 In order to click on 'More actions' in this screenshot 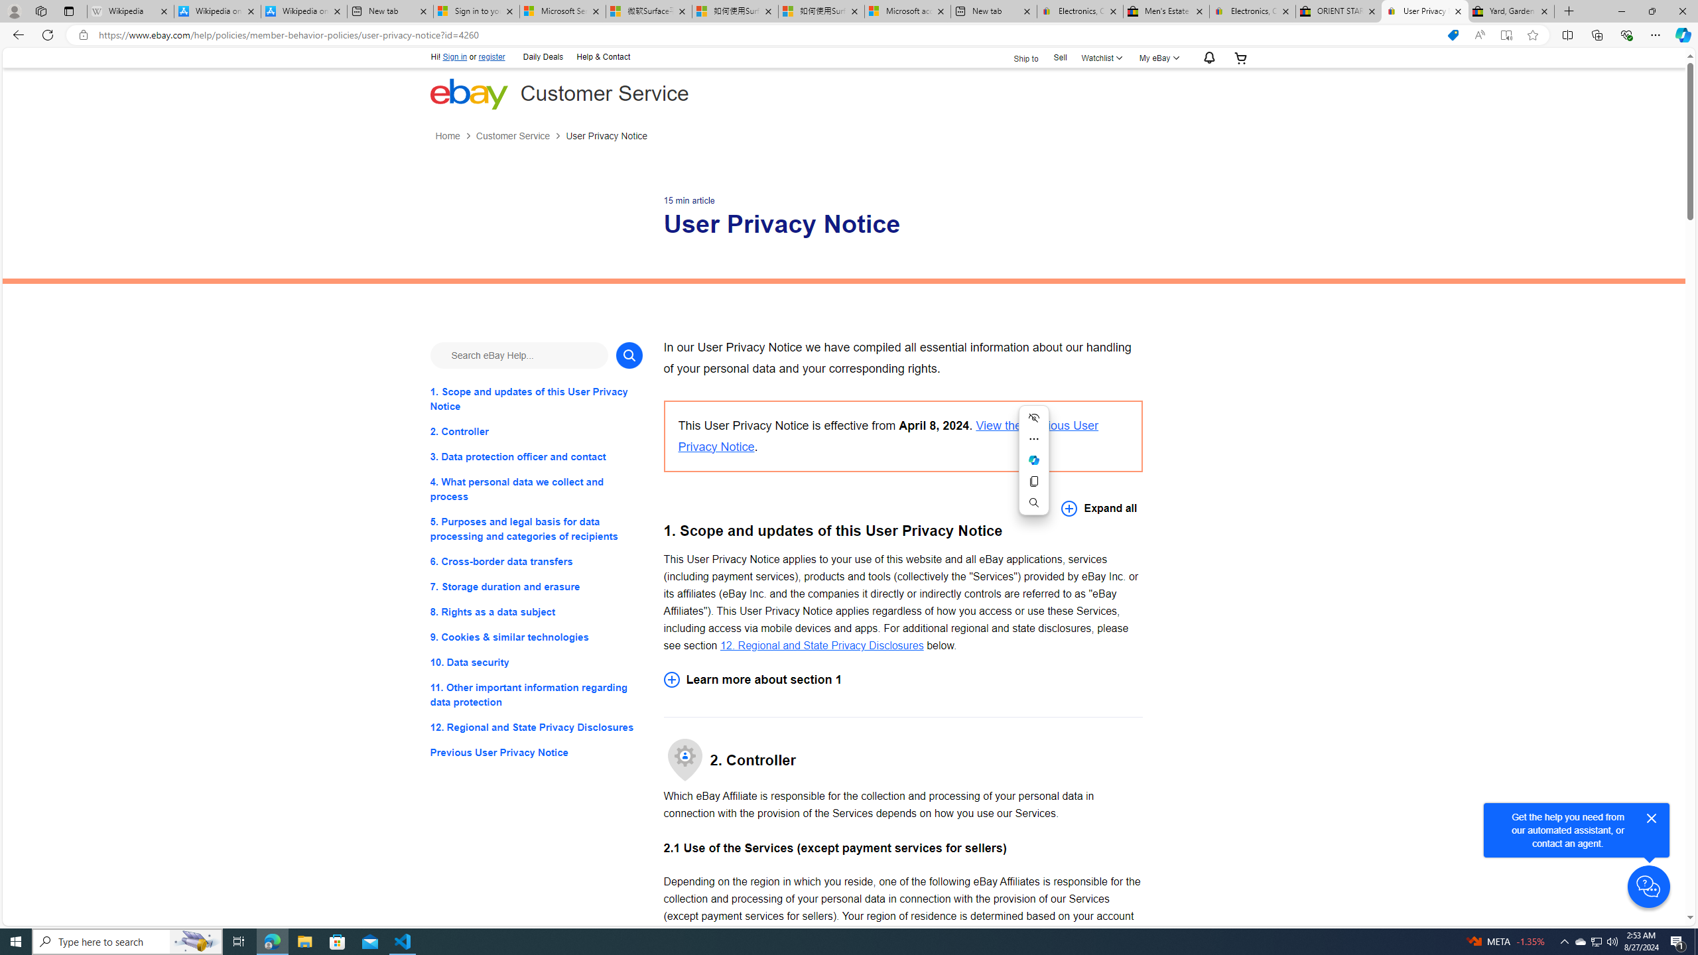, I will do `click(1033, 439)`.